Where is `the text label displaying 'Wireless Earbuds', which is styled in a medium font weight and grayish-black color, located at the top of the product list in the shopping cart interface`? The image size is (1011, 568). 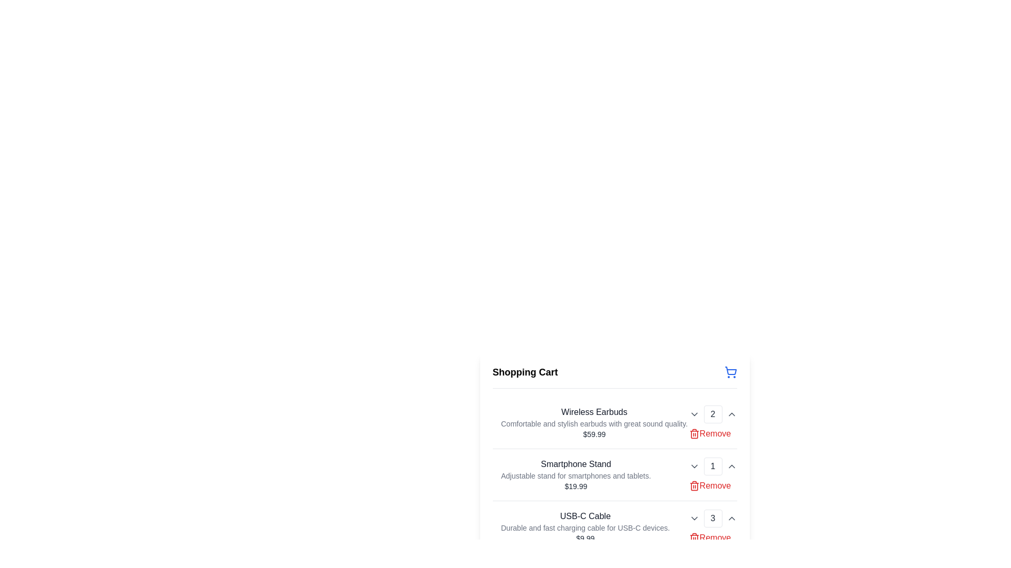 the text label displaying 'Wireless Earbuds', which is styled in a medium font weight and grayish-black color, located at the top of the product list in the shopping cart interface is located at coordinates (594, 411).